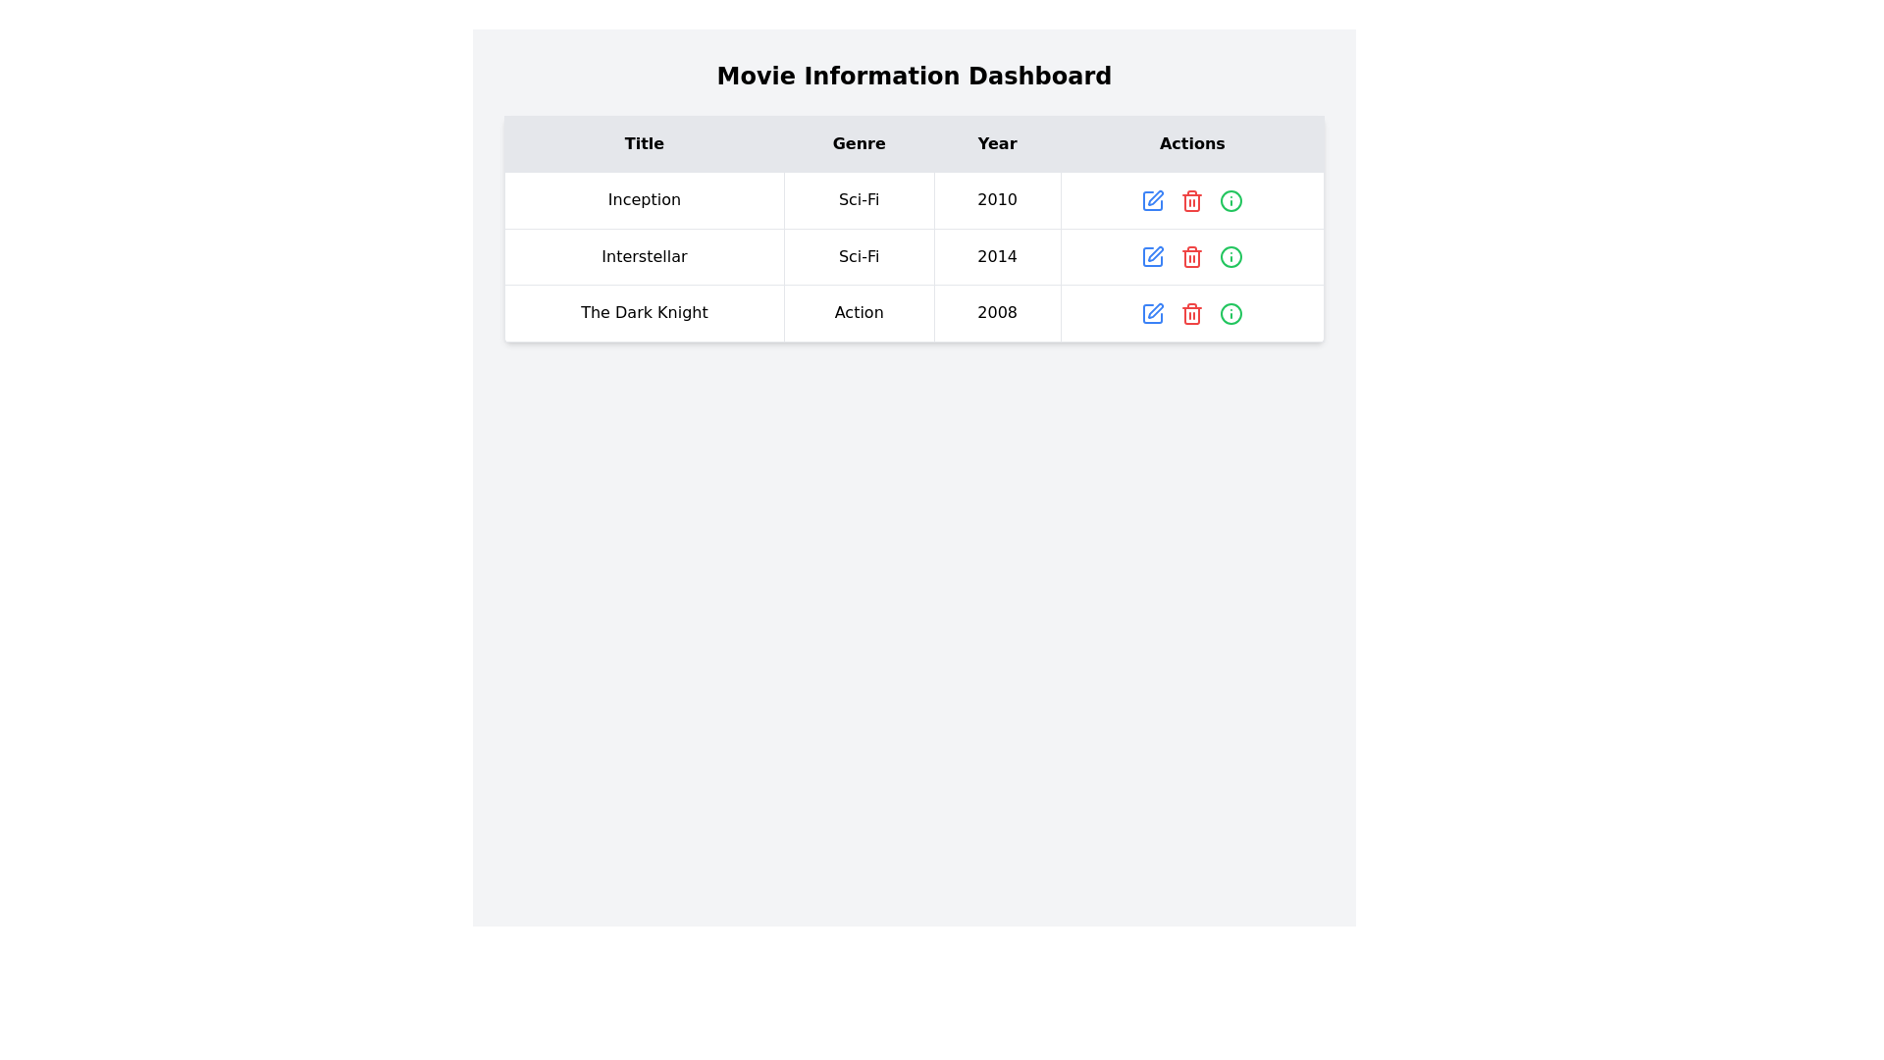  Describe the element at coordinates (1230, 312) in the screenshot. I see `the interactive button in the actions column of the third row in the table` at that location.